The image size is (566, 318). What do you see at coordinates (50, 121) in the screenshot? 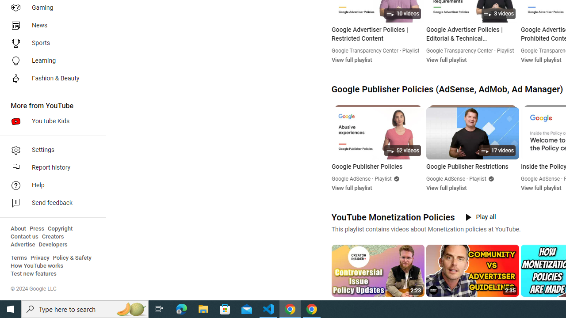
I see `'YouTube Kids'` at bounding box center [50, 121].